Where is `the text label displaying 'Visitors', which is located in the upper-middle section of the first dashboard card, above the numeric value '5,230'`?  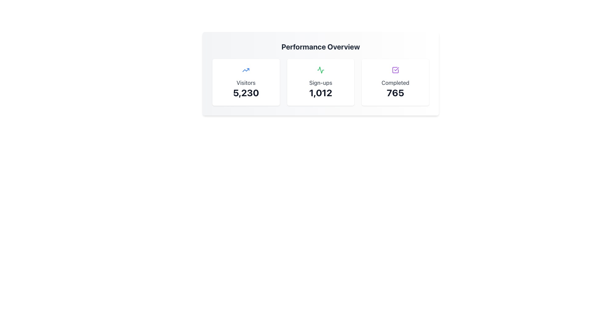 the text label displaying 'Visitors', which is located in the upper-middle section of the first dashboard card, above the numeric value '5,230' is located at coordinates (246, 83).